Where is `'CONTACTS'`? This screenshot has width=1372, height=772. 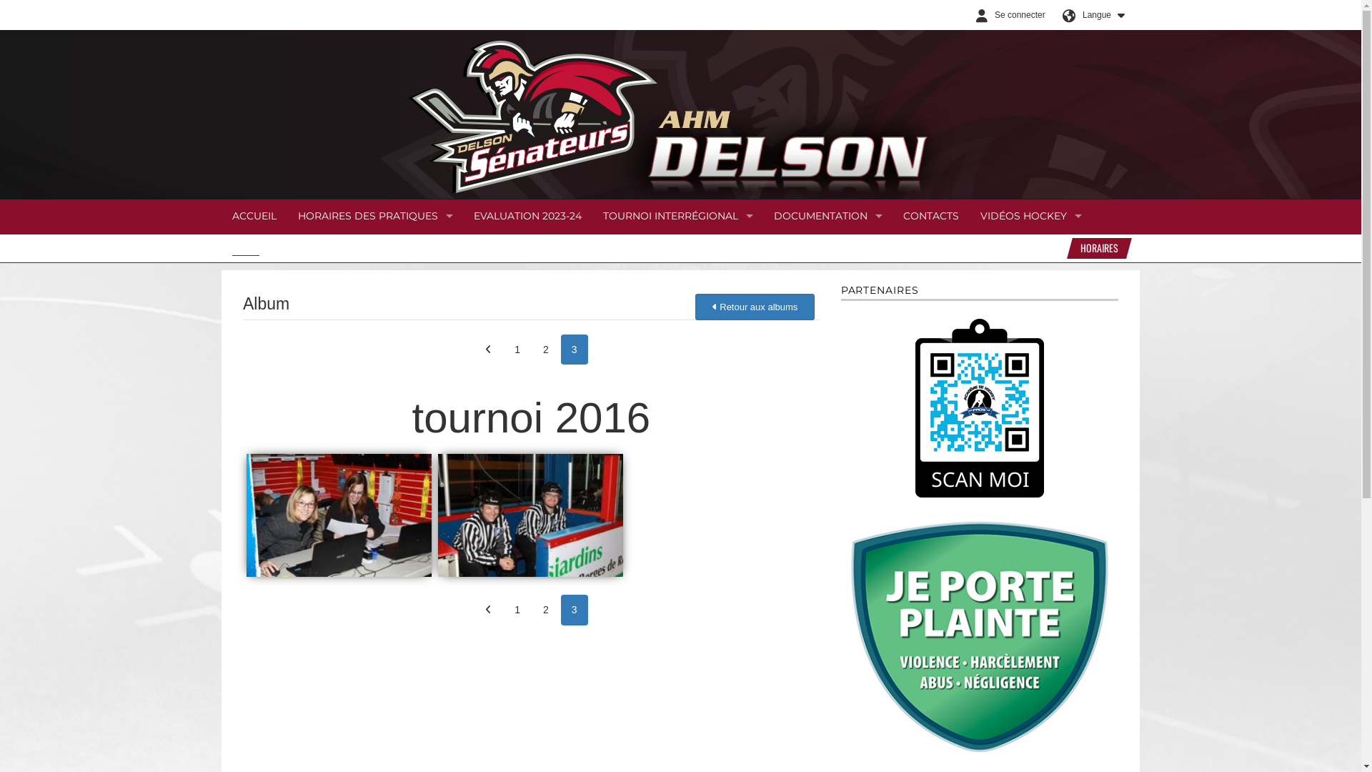
'CONTACTS' is located at coordinates (930, 217).